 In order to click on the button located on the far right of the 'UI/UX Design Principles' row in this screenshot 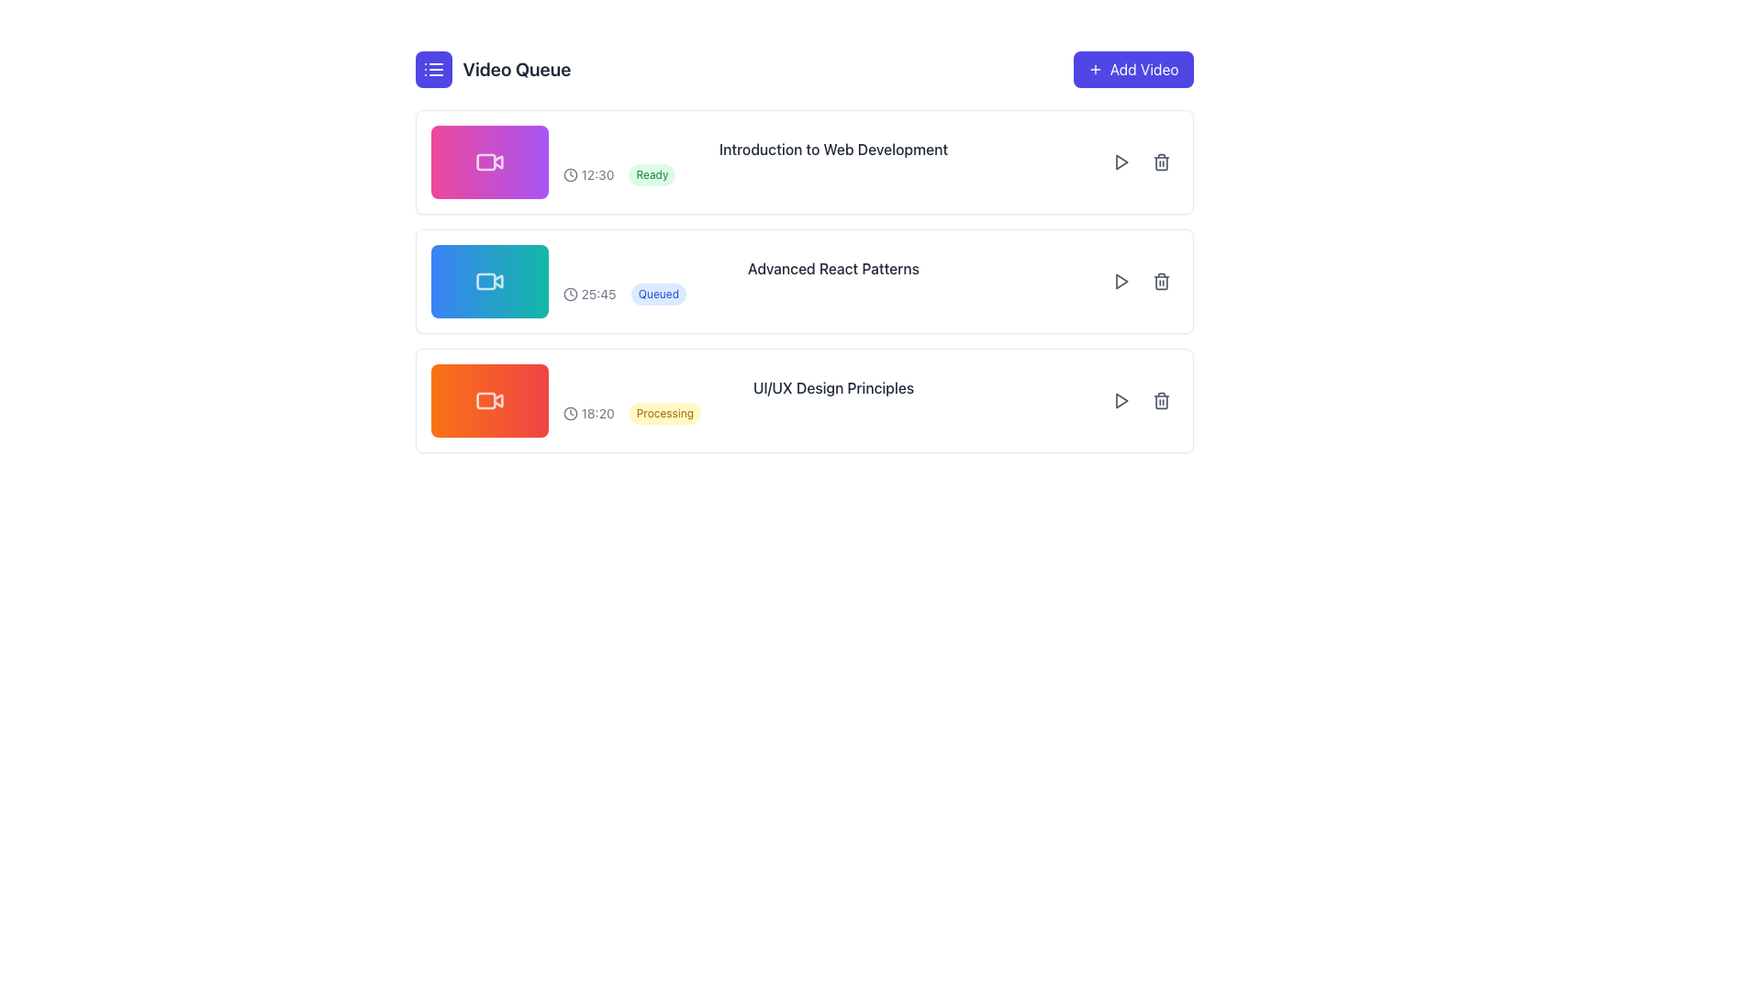, I will do `click(1121, 399)`.